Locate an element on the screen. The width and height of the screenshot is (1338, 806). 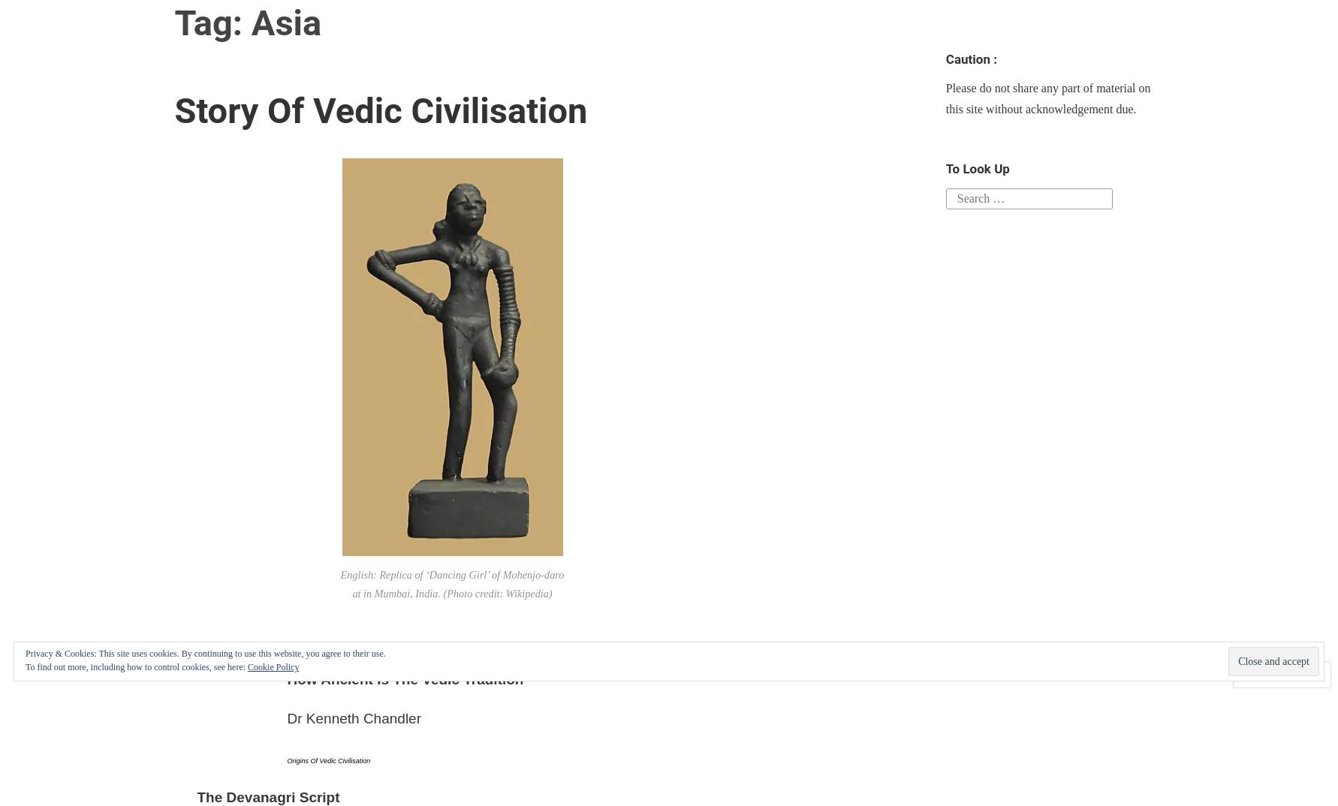
'Cookie Policy' is located at coordinates (273, 666).